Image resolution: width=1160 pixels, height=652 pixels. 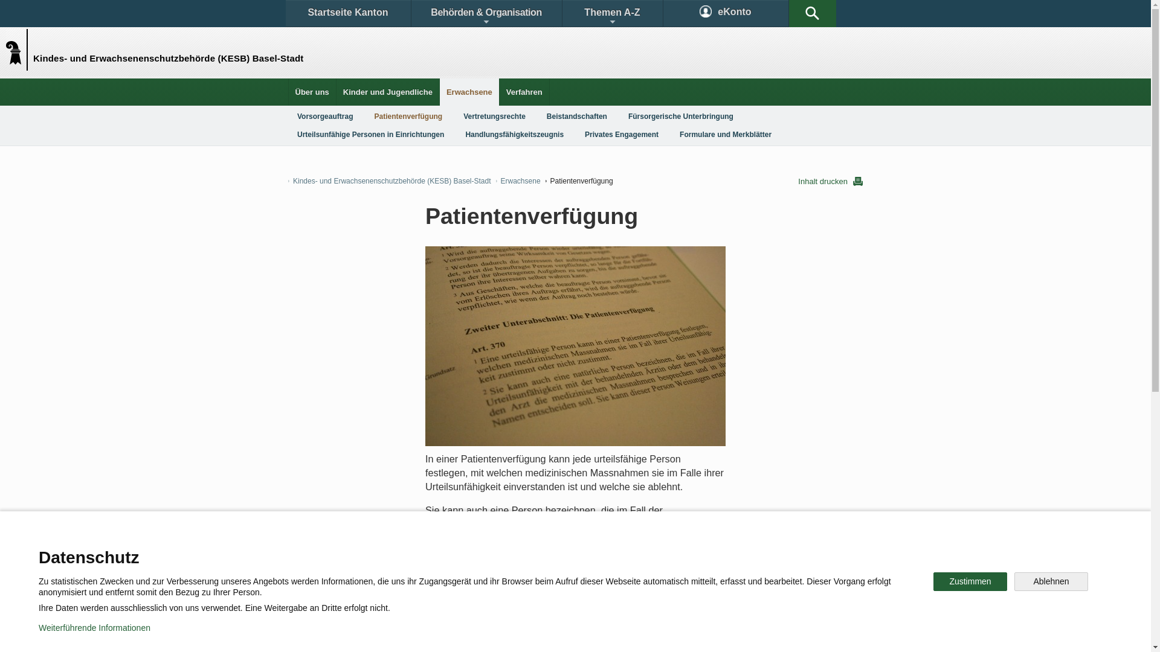 What do you see at coordinates (524, 91) in the screenshot?
I see `'Verfahren'` at bounding box center [524, 91].